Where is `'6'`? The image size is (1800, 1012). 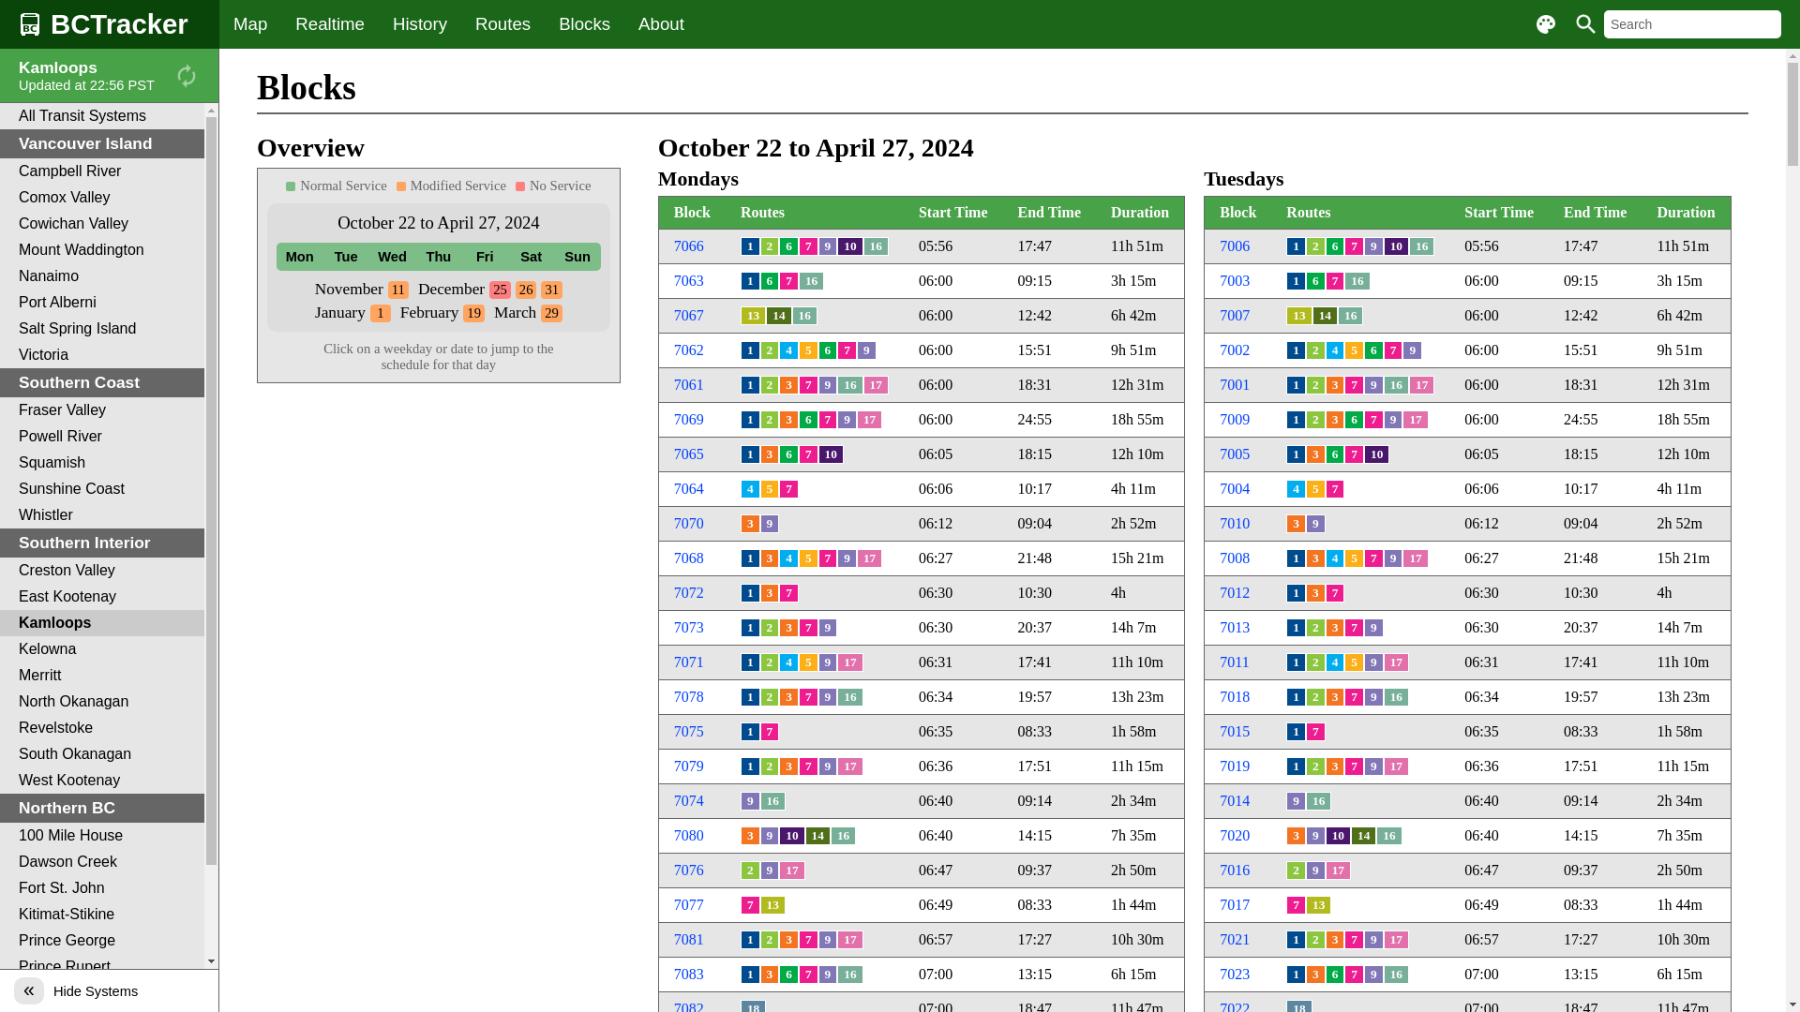
'6' is located at coordinates (1314, 281).